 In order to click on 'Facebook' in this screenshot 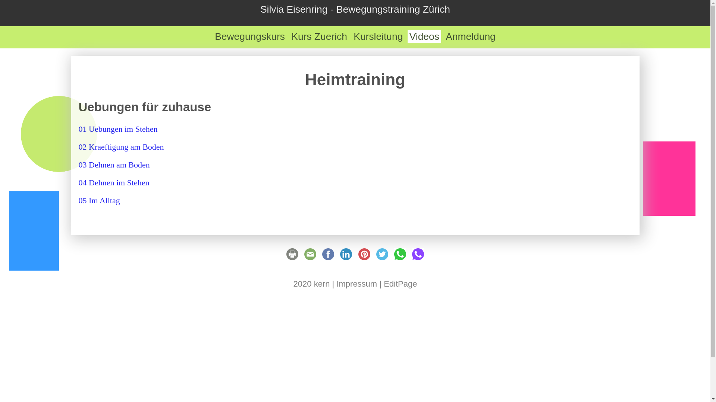, I will do `click(328, 257)`.